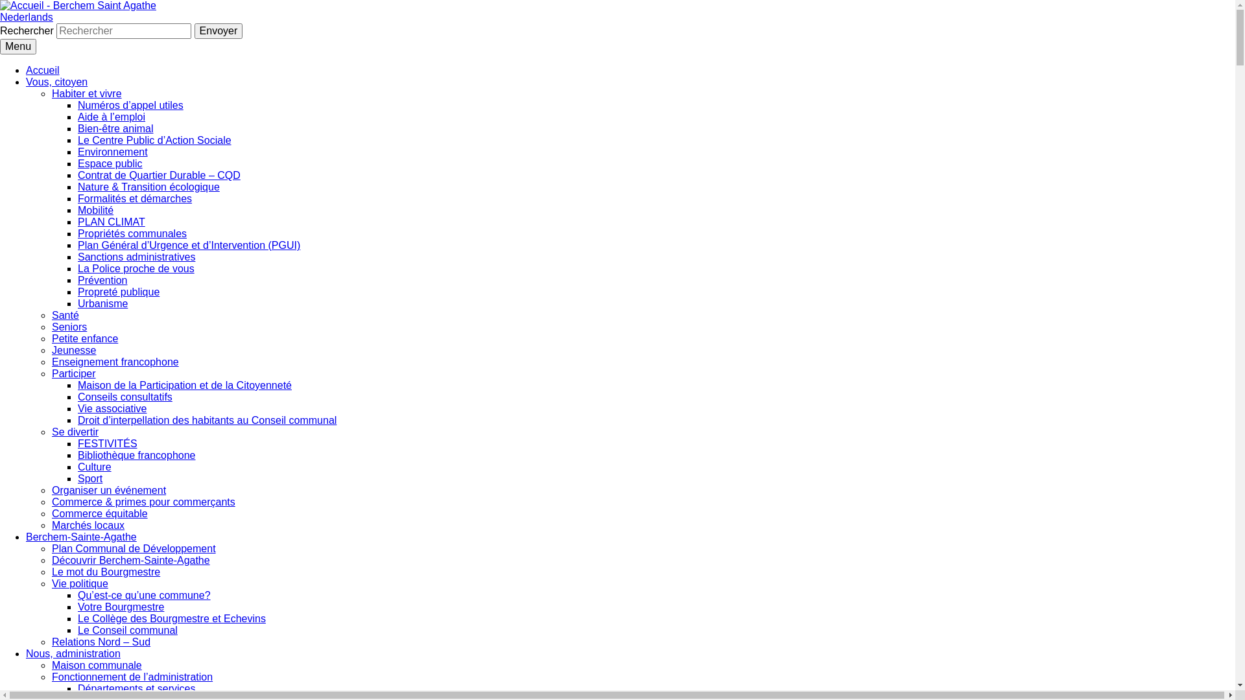 The image size is (1245, 700). I want to click on 'Vie associative', so click(112, 408).